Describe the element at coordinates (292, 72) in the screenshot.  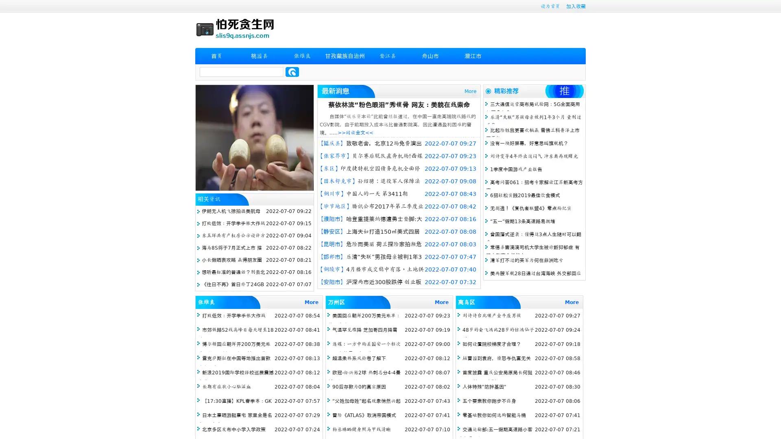
I see `Search` at that location.